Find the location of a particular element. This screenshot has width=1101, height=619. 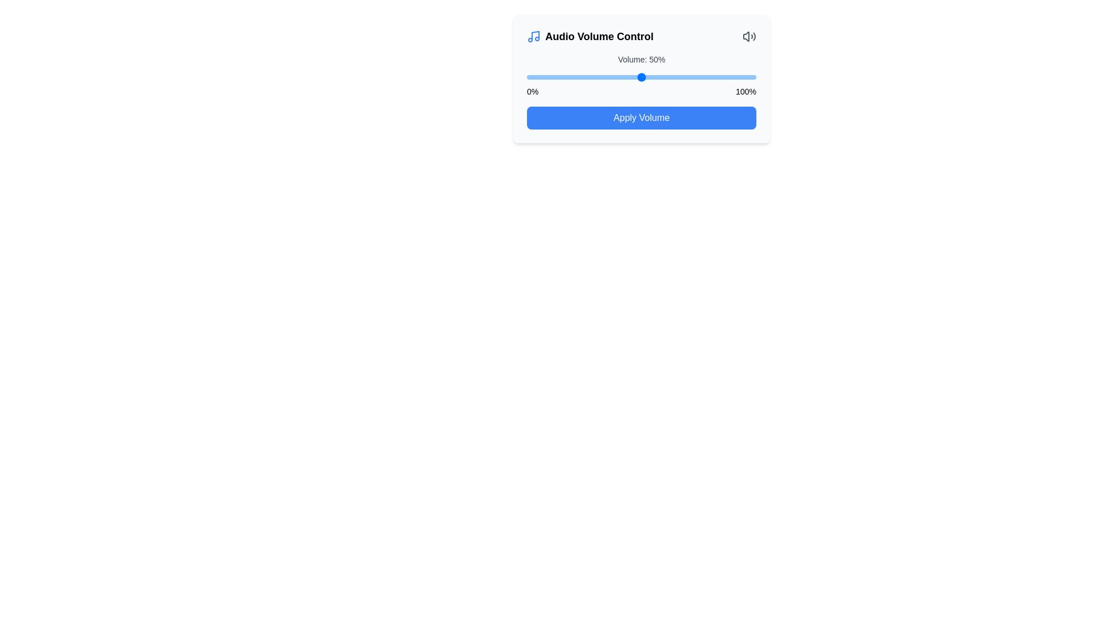

the volume is located at coordinates (591, 77).